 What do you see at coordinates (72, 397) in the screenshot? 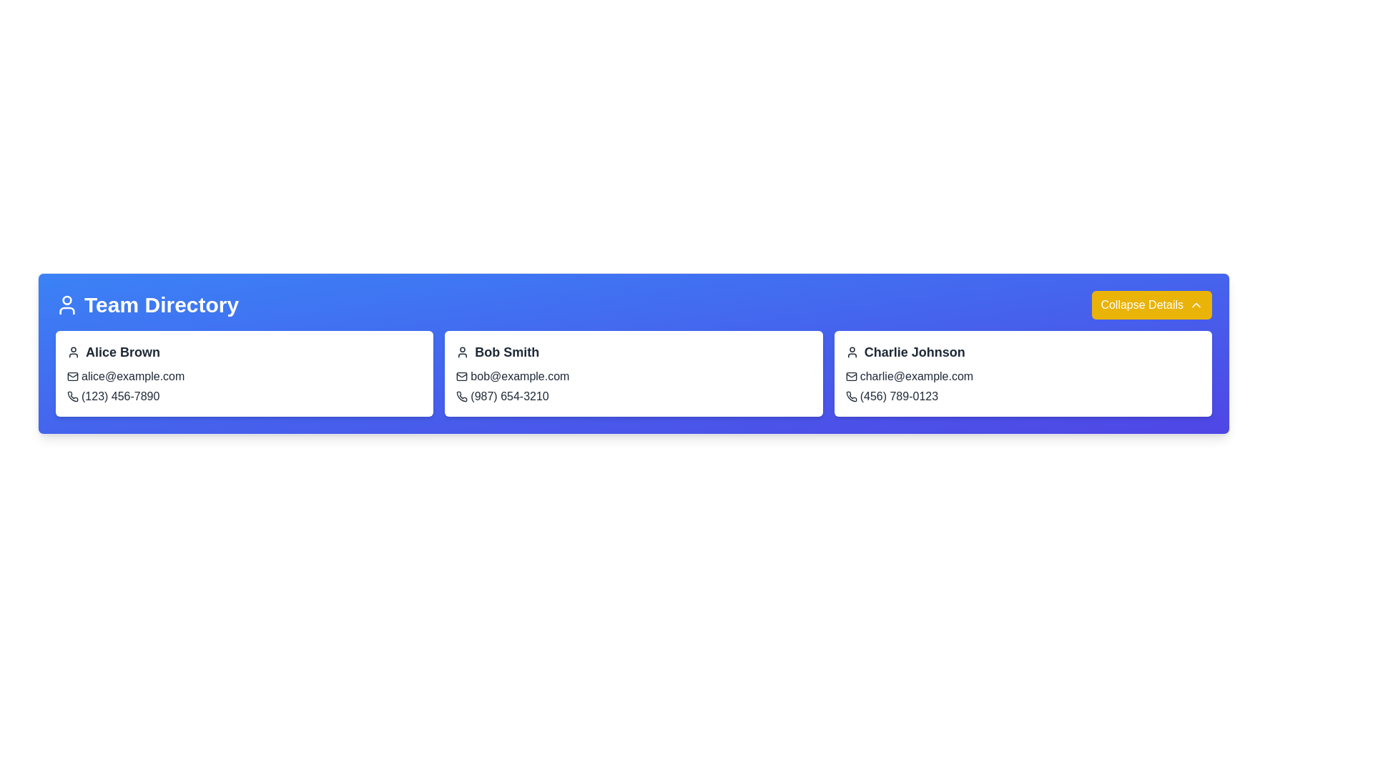
I see `the phone icon SVG graphic located to the left of the phone number '(123) 456-7890' in the first card entry under 'Alice Brown' within the 'Team Directory' section` at bounding box center [72, 397].